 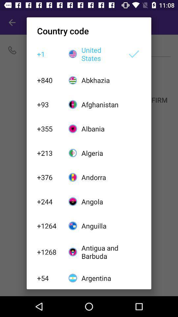 What do you see at coordinates (101, 128) in the screenshot?
I see `albania` at bounding box center [101, 128].